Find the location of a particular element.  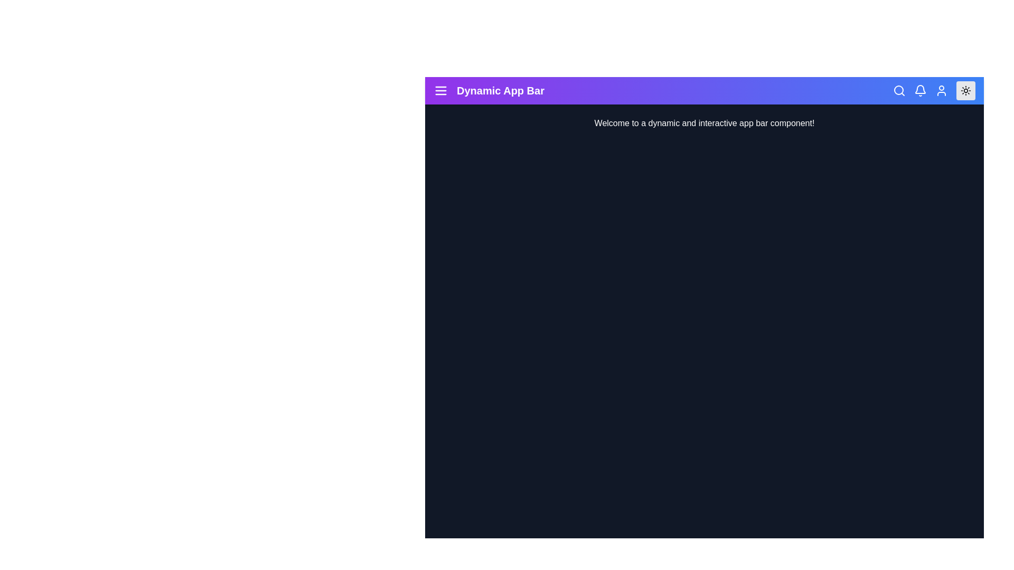

the text 'Welcome to a dynamic and interactive app bar component!' in the main content area is located at coordinates (438, 117).